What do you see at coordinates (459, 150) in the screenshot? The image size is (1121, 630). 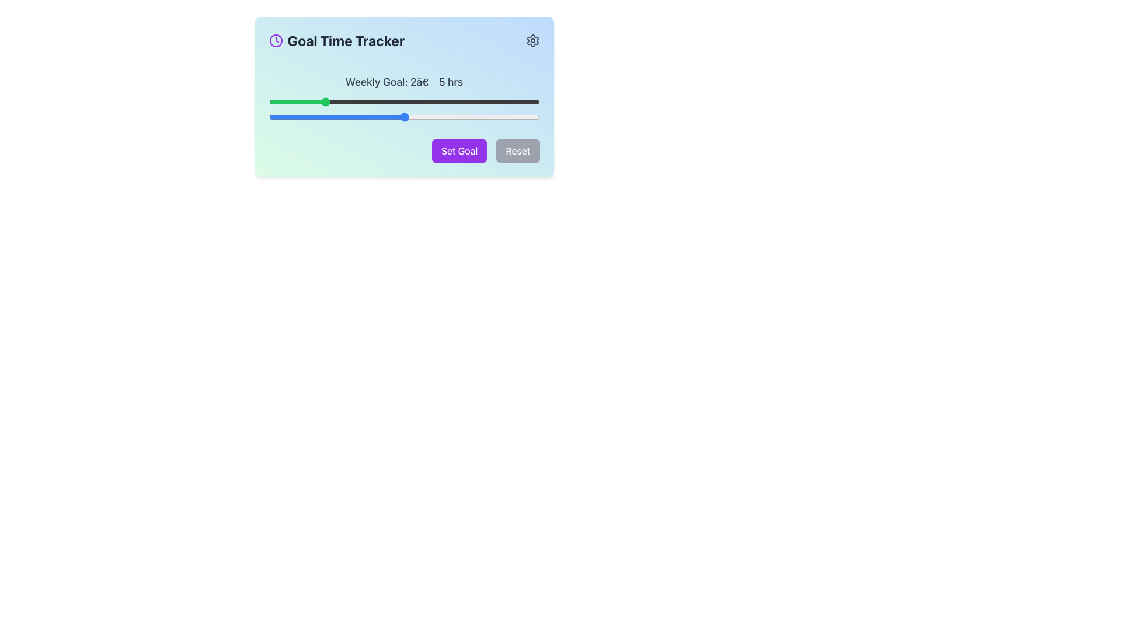 I see `the leftmost button for confirming the goal setting in the 'Goal Time Tracker'` at bounding box center [459, 150].